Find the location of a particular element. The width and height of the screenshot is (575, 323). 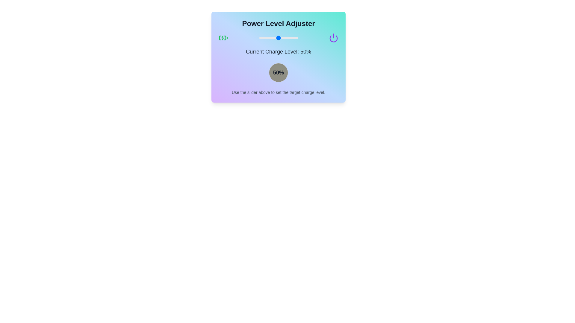

the power icon, which is a purple circular icon with a vertical line at the top, located in the upper-right section of the 'Power Level Adjuster' interface is located at coordinates (333, 38).